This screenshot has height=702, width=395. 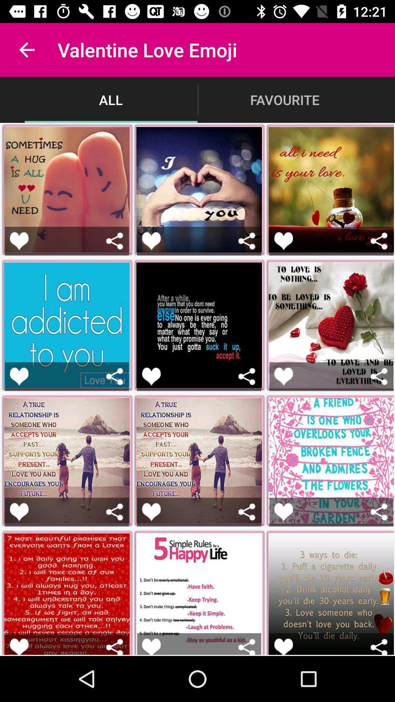 I want to click on share the picture, so click(x=379, y=646).